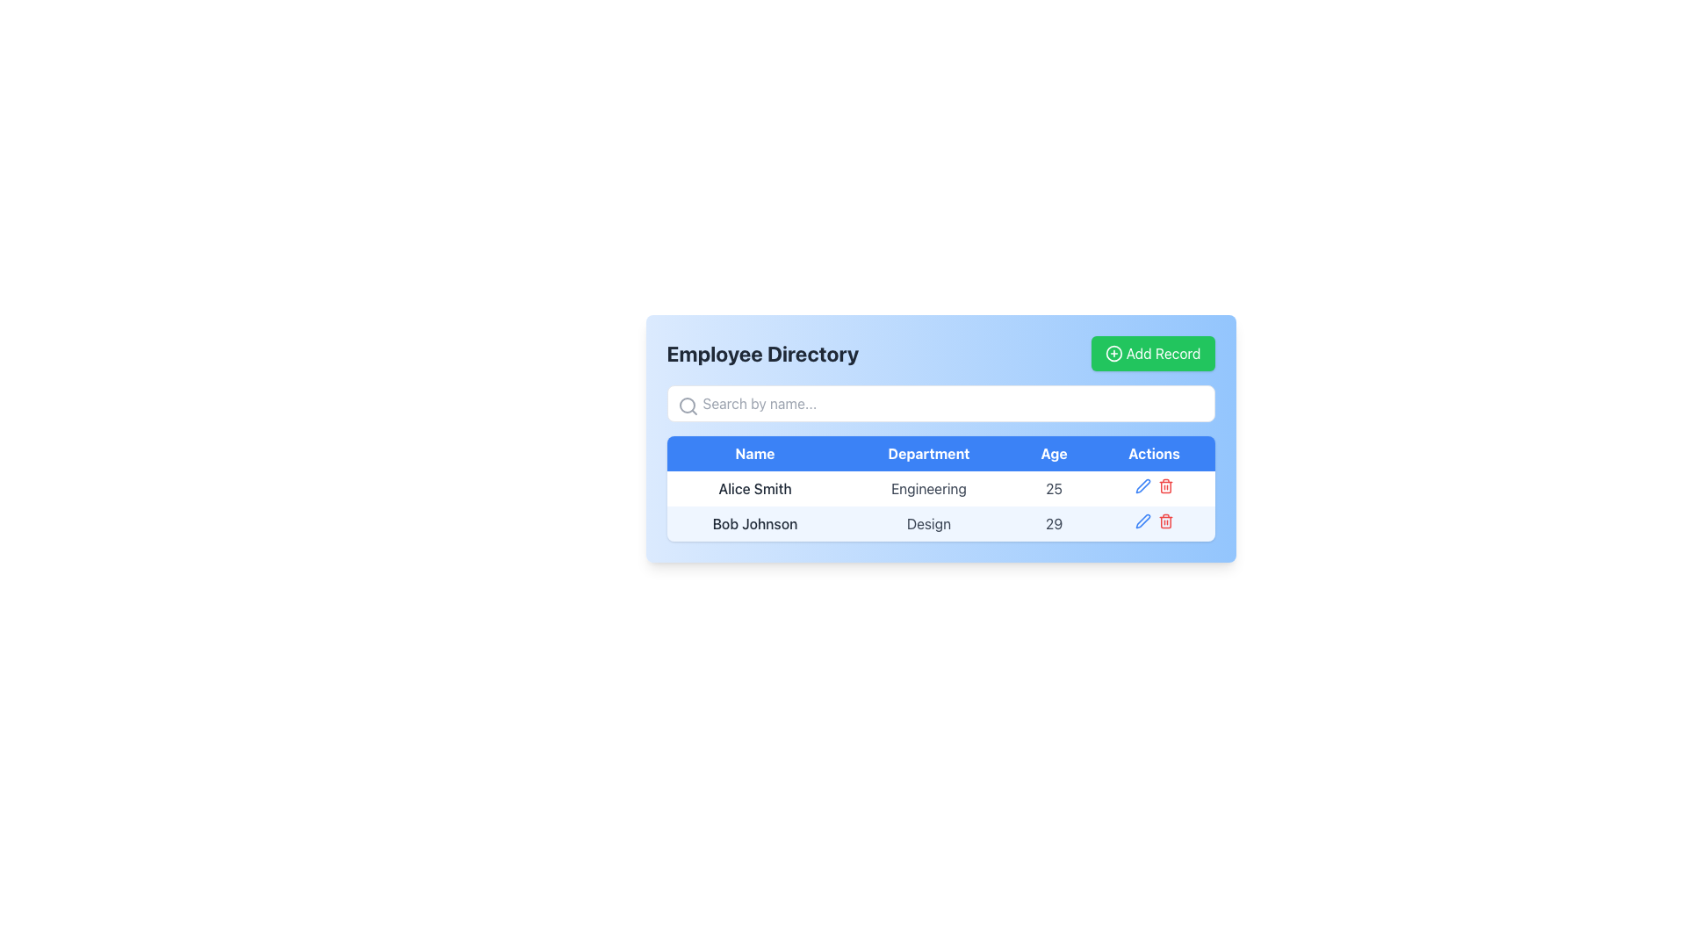 Image resolution: width=1686 pixels, height=948 pixels. Describe the element at coordinates (1154, 488) in the screenshot. I see `the red trash bin icon in the 'Actions' column of the table row for 'Alice Smith'` at that location.